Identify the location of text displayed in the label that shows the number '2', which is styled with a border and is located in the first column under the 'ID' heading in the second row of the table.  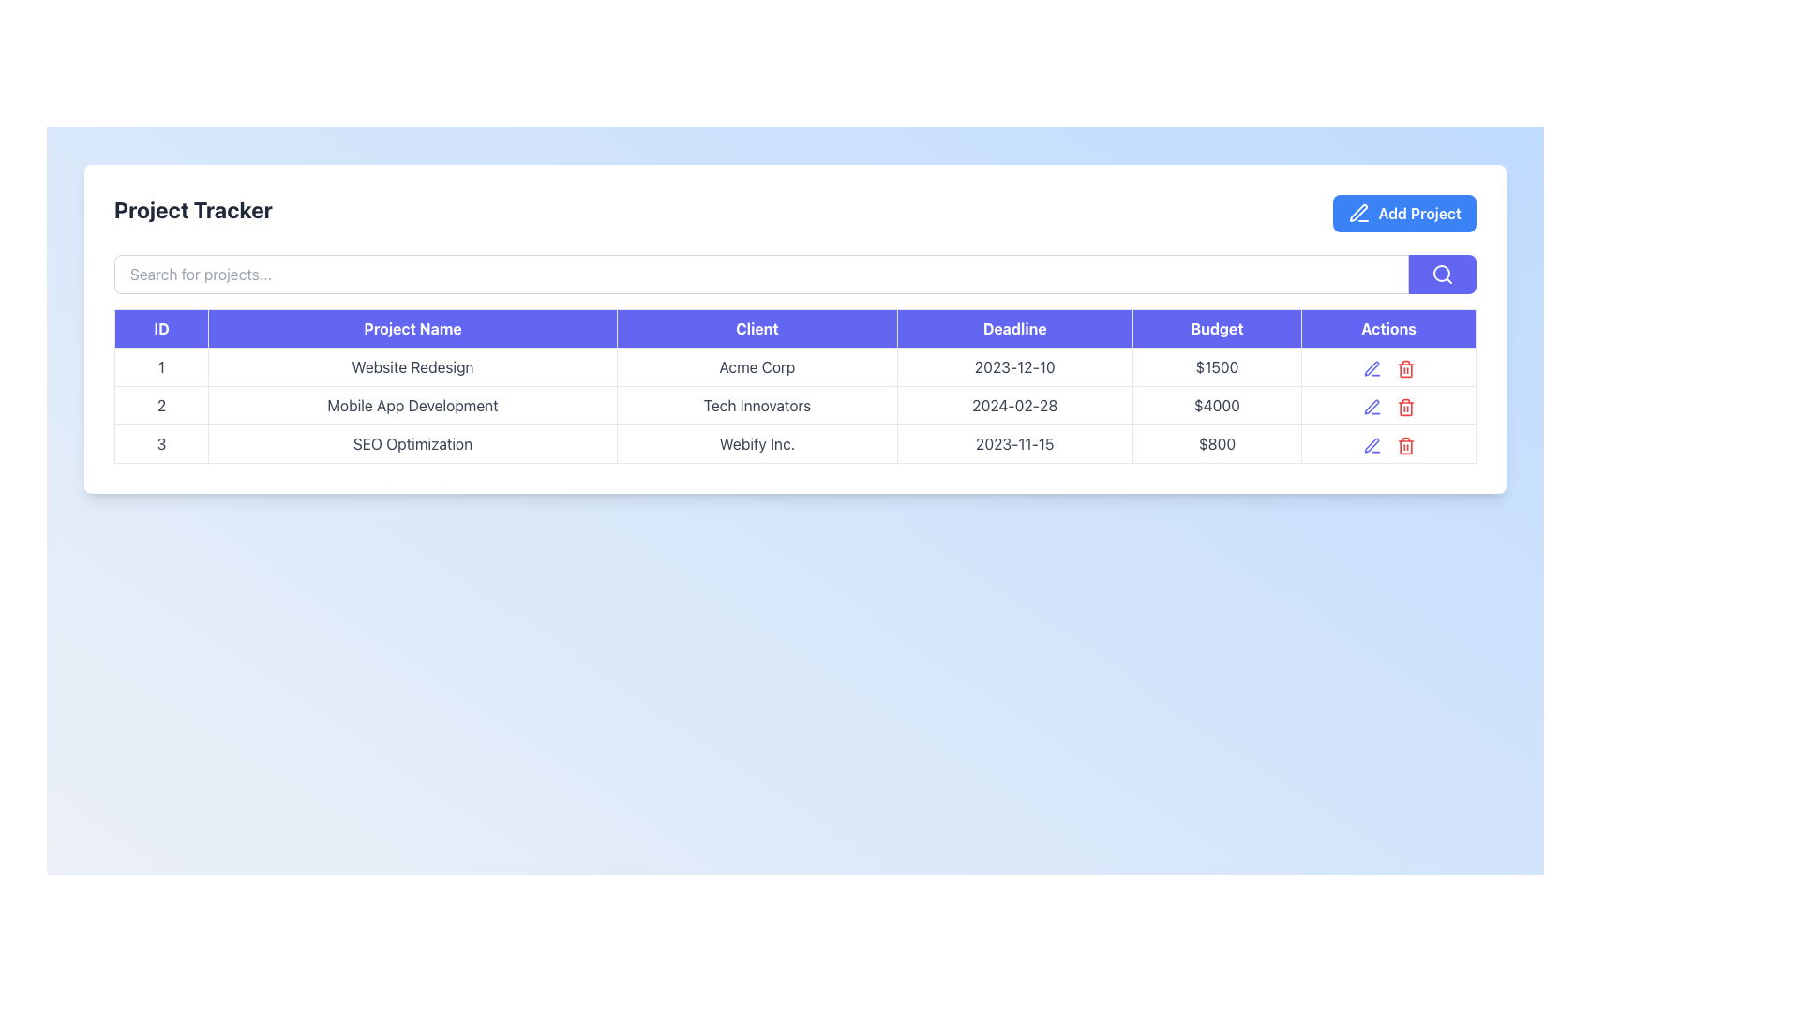
(161, 404).